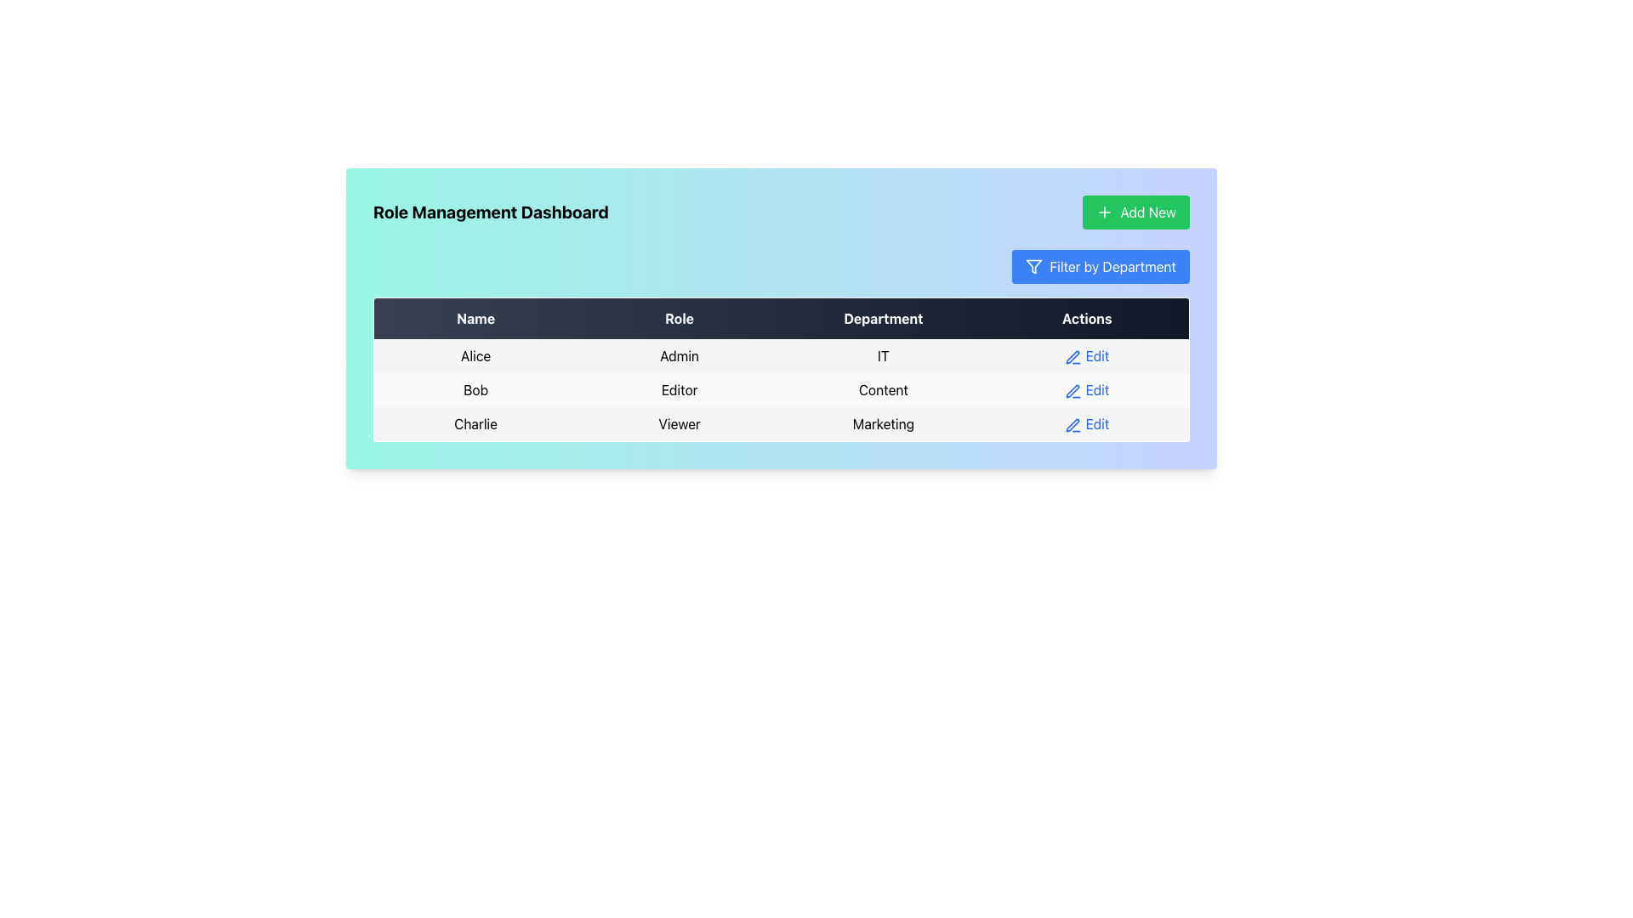 Image resolution: width=1633 pixels, height=918 pixels. Describe the element at coordinates (1073, 356) in the screenshot. I see `the pencil-like edit icon located in the 'Actions' column of the data table for the user 'Alice'` at that location.